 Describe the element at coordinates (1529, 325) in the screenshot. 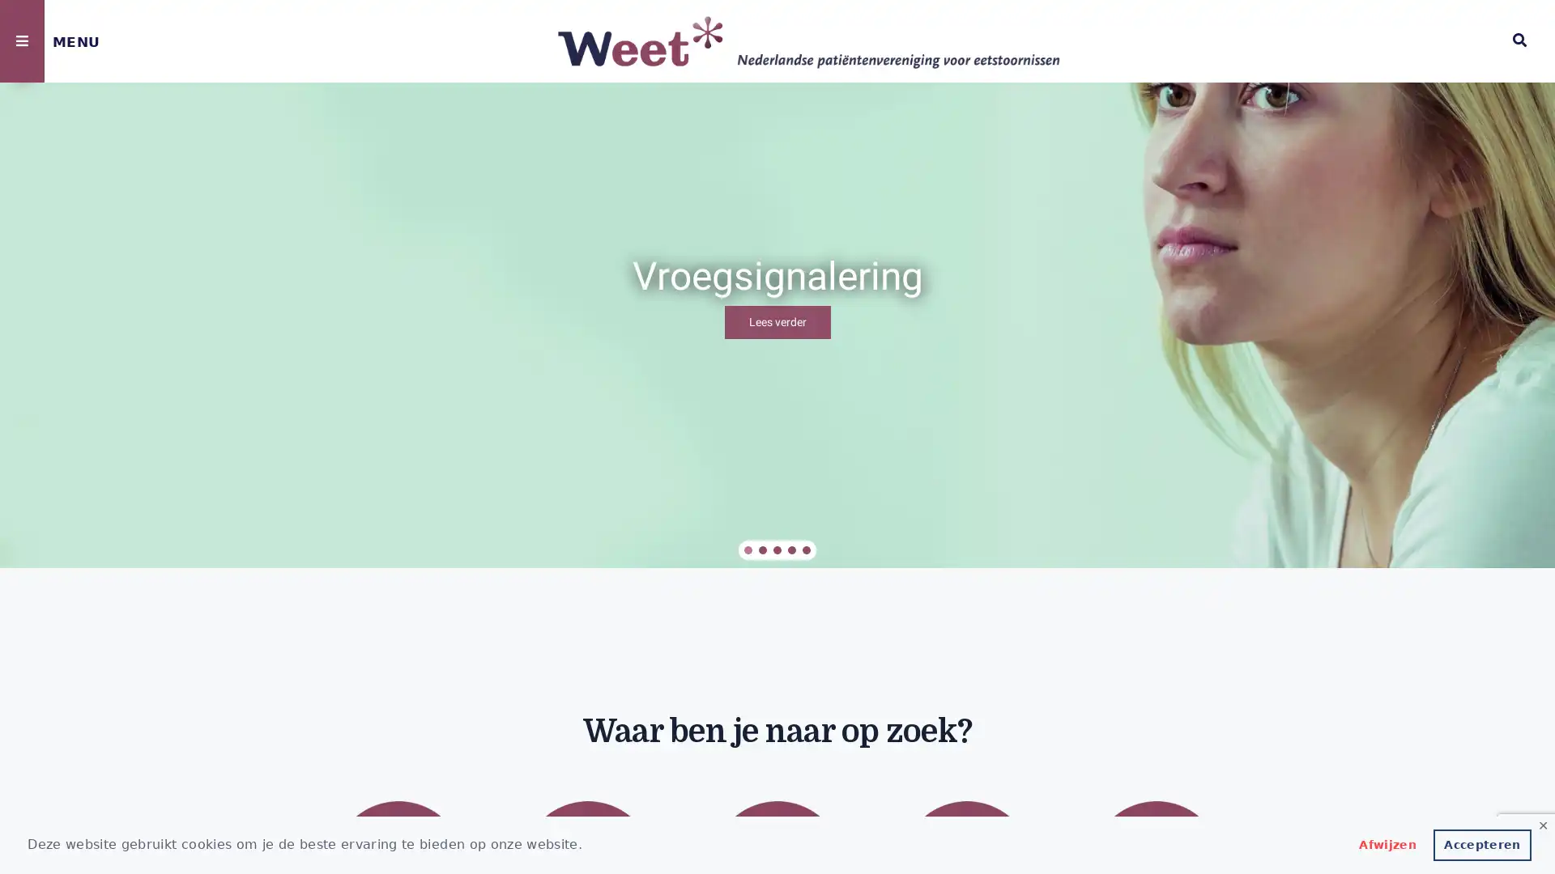

I see `next arrow` at that location.